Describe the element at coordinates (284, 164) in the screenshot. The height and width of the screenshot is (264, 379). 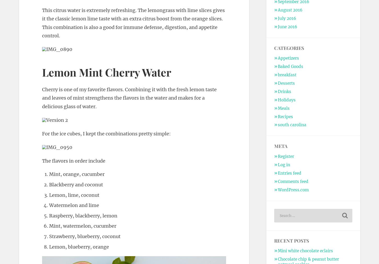
I see `'Log in'` at that location.